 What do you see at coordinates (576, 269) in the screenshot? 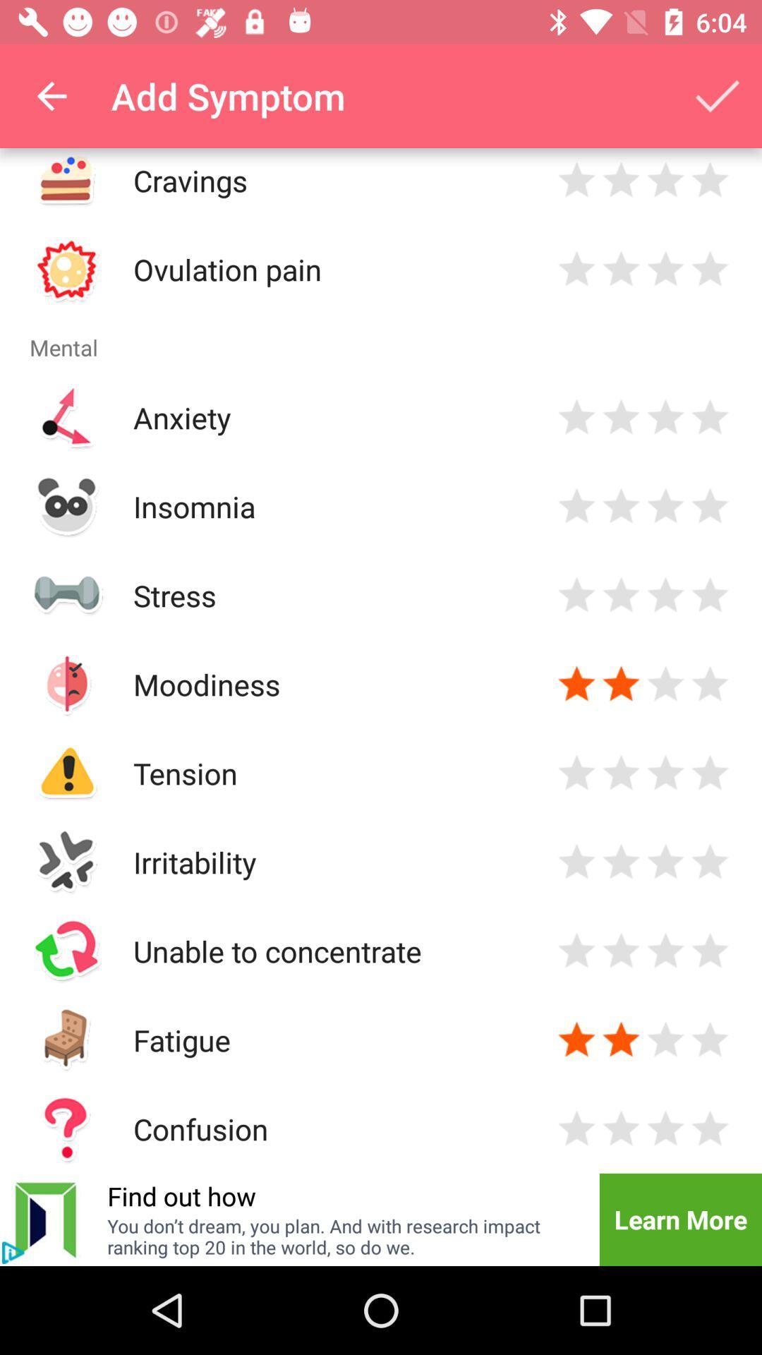
I see `to rate with one star` at bounding box center [576, 269].